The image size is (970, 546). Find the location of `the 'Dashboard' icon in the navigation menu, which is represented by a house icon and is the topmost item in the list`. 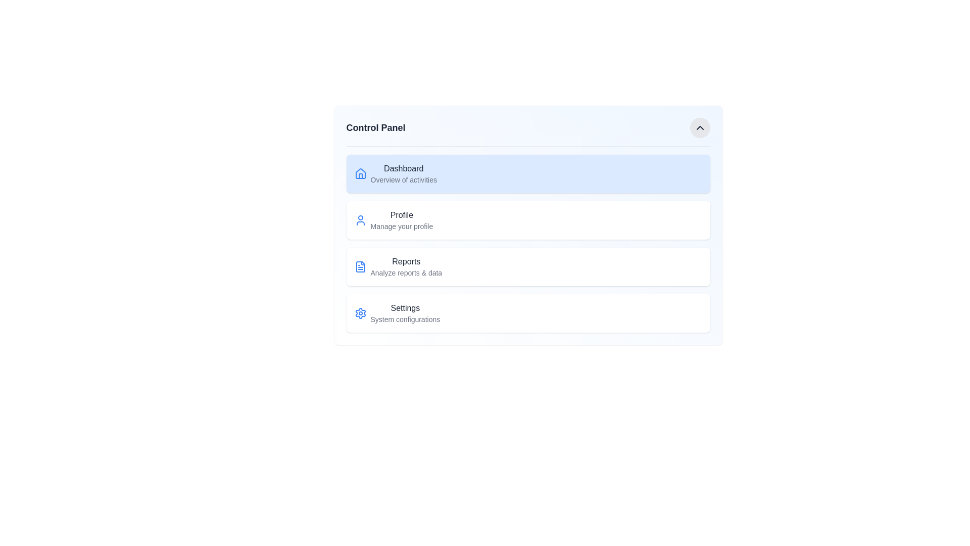

the 'Dashboard' icon in the navigation menu, which is represented by a house icon and is the topmost item in the list is located at coordinates (360, 173).